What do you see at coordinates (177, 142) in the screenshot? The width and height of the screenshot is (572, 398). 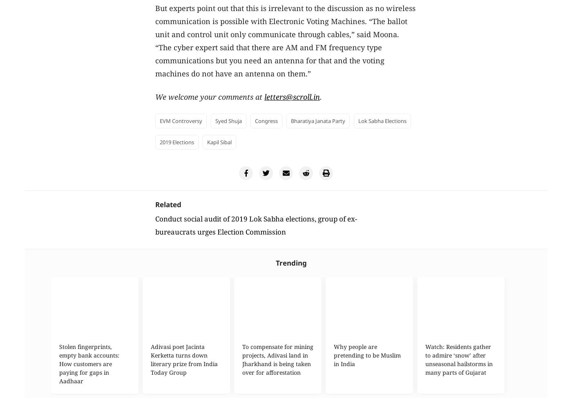 I see `'2019 elections'` at bounding box center [177, 142].